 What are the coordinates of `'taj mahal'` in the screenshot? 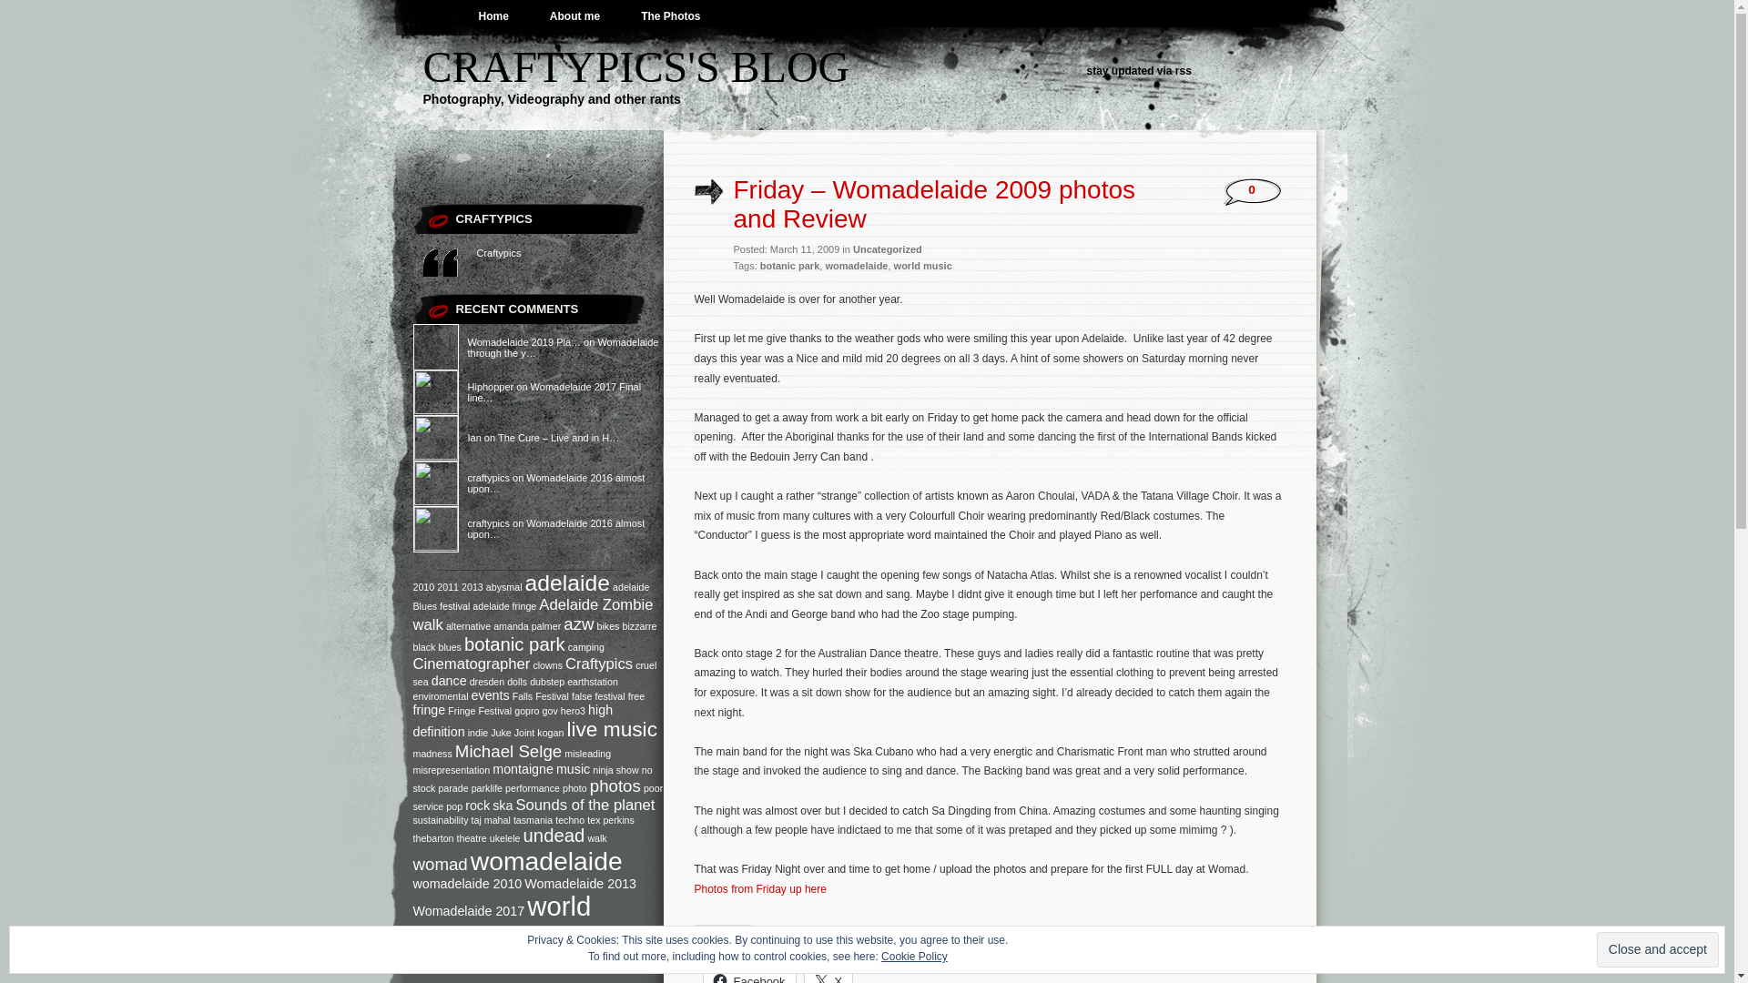 It's located at (491, 820).